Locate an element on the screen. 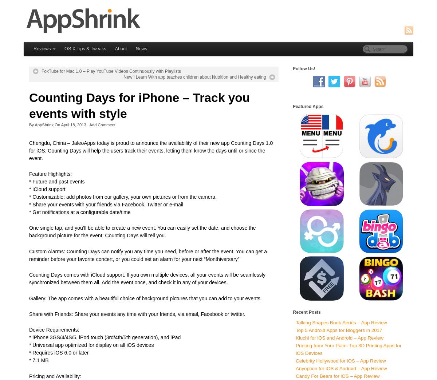 The width and height of the screenshot is (437, 380). 'Candy For Bears for iOS – App Review' is located at coordinates (338, 376).